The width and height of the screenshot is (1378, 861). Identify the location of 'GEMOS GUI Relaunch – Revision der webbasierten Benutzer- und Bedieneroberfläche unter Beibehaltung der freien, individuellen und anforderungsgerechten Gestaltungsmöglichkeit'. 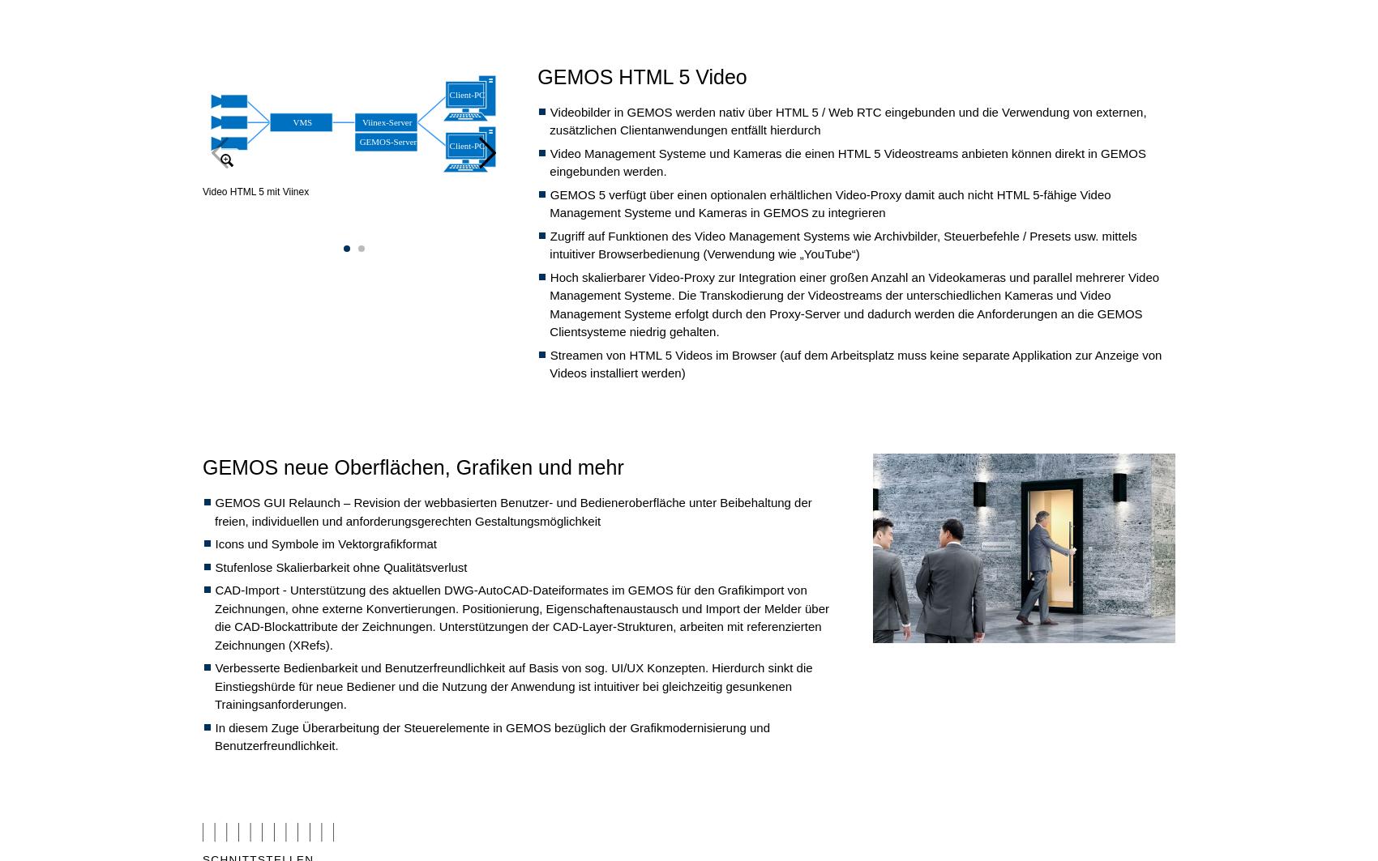
(512, 510).